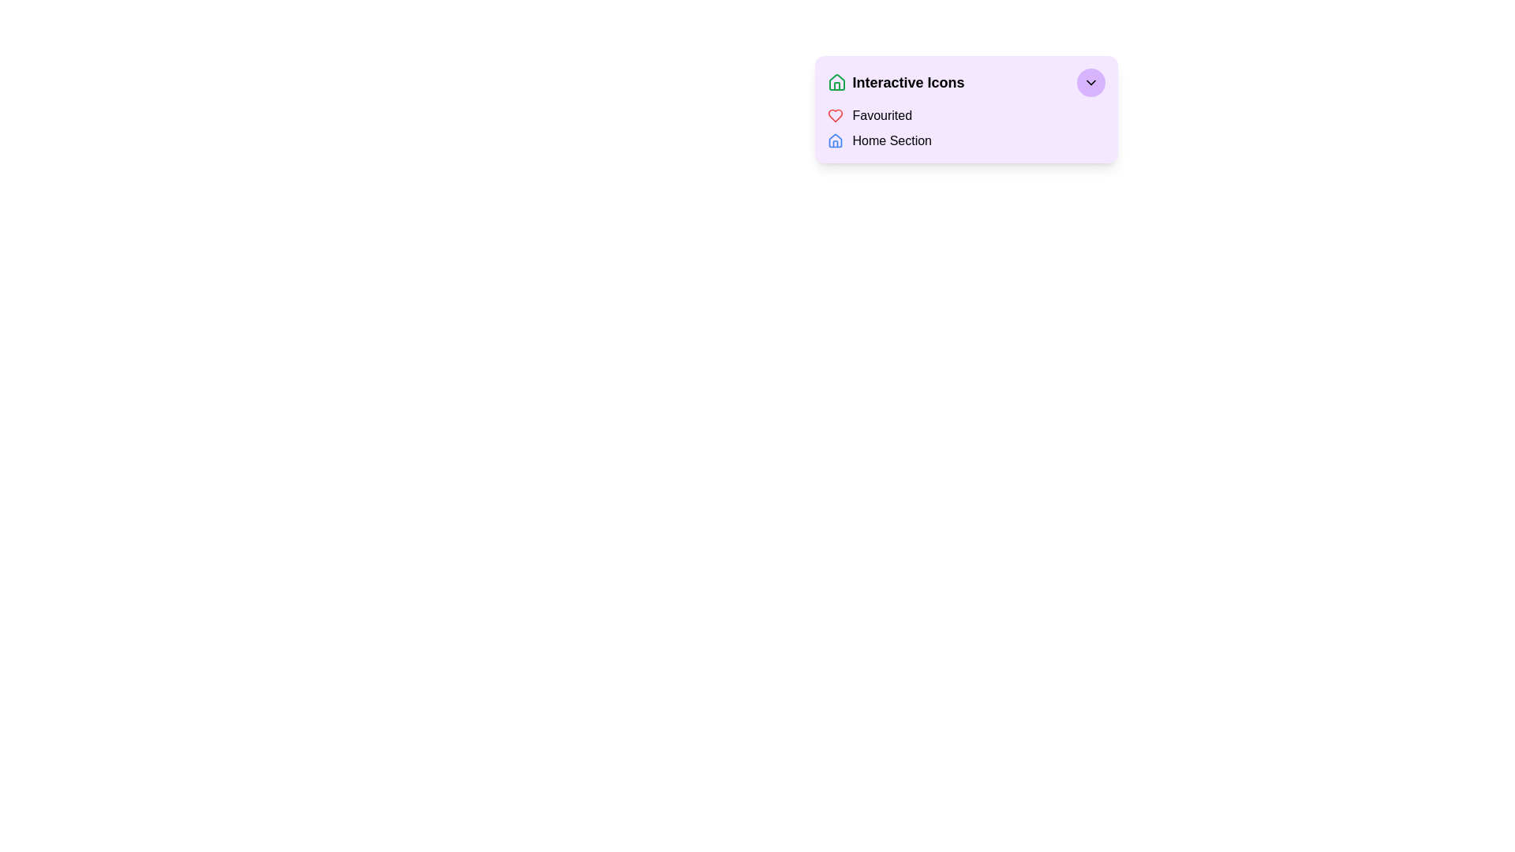 The height and width of the screenshot is (852, 1515). What do you see at coordinates (881, 114) in the screenshot?
I see `the 'Favourited' text label, which indicates a feature related to the heart icon` at bounding box center [881, 114].